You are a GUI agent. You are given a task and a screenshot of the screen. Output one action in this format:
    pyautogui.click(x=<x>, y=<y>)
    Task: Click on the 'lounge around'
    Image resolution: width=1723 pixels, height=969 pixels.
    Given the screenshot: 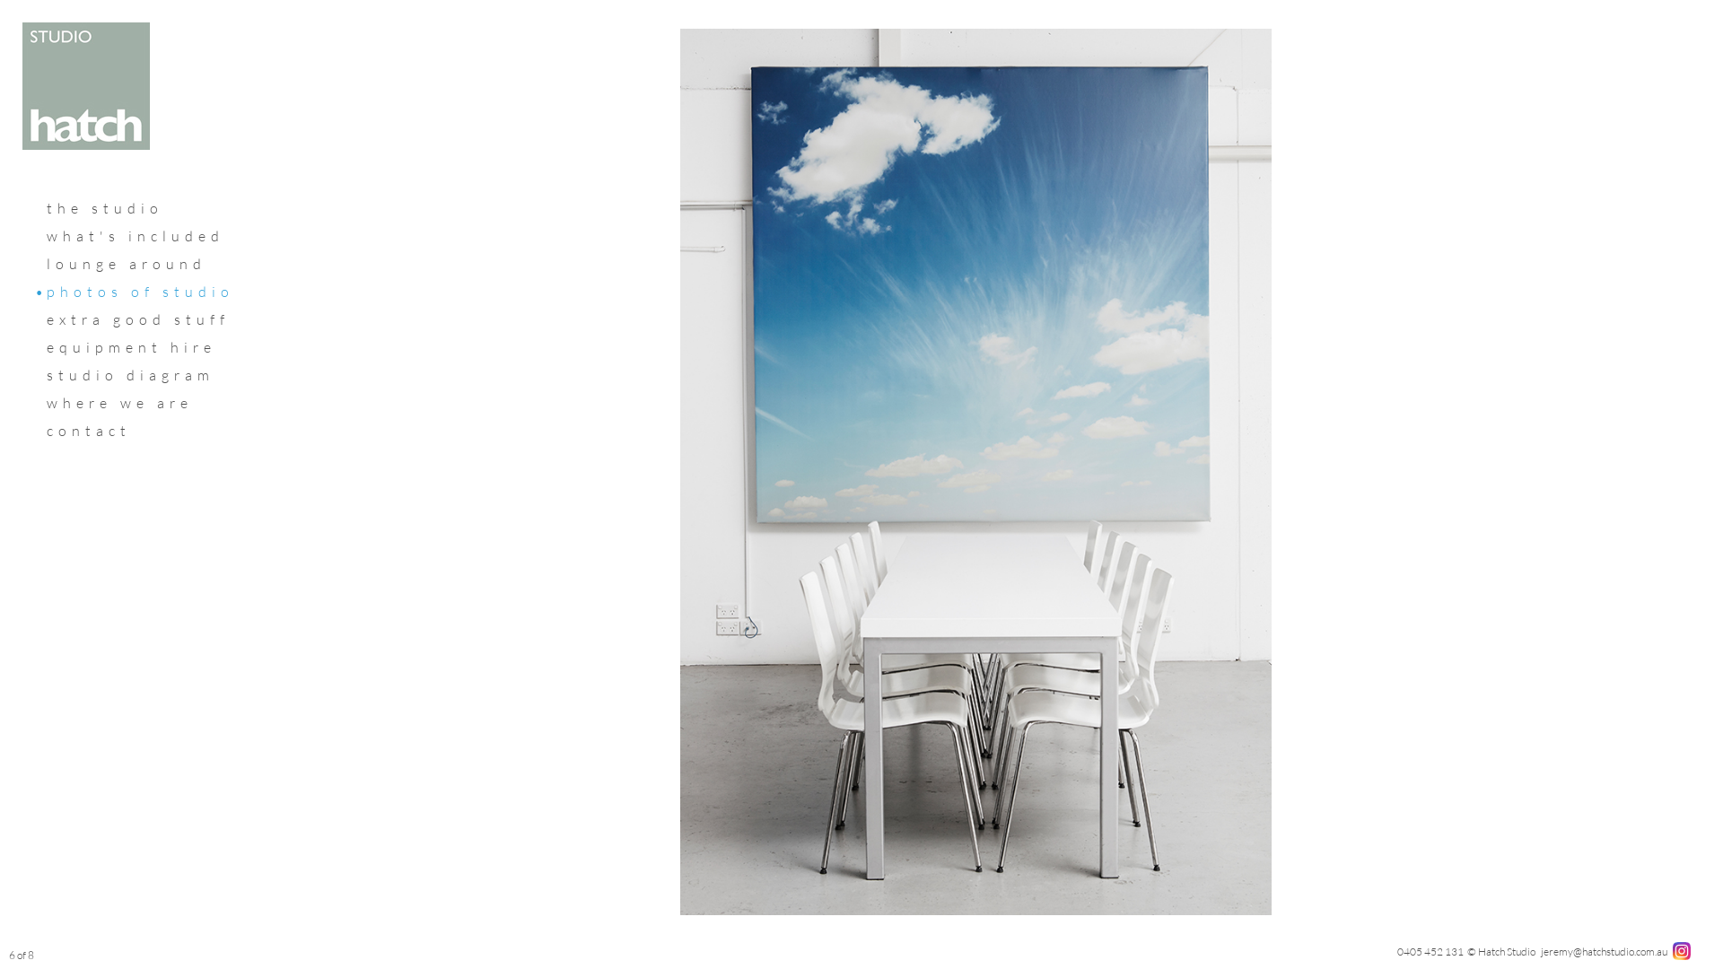 What is the action you would take?
    pyautogui.click(x=125, y=263)
    